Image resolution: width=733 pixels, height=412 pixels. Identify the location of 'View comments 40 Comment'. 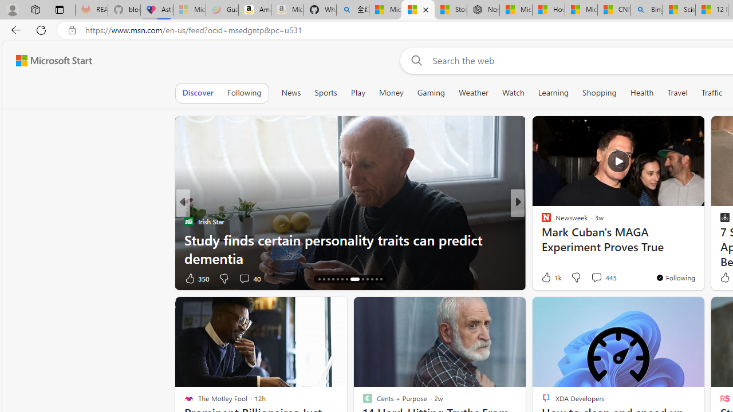
(243, 278).